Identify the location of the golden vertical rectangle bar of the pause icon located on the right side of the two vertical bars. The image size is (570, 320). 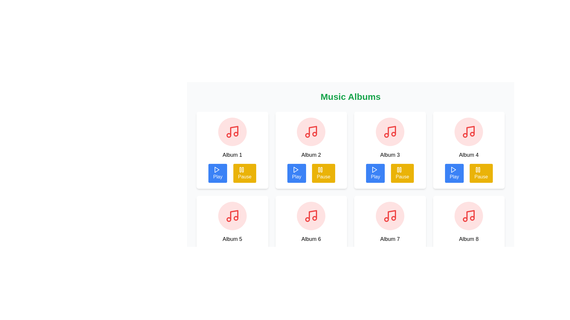
(400, 170).